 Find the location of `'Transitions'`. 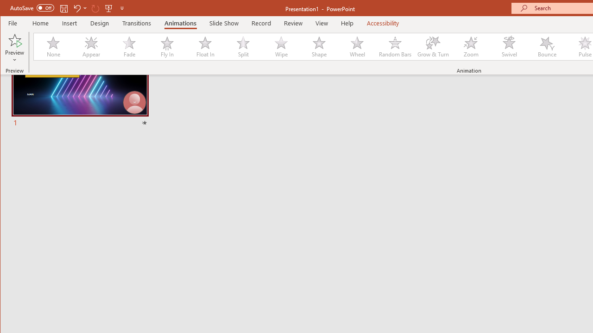

'Transitions' is located at coordinates (136, 23).